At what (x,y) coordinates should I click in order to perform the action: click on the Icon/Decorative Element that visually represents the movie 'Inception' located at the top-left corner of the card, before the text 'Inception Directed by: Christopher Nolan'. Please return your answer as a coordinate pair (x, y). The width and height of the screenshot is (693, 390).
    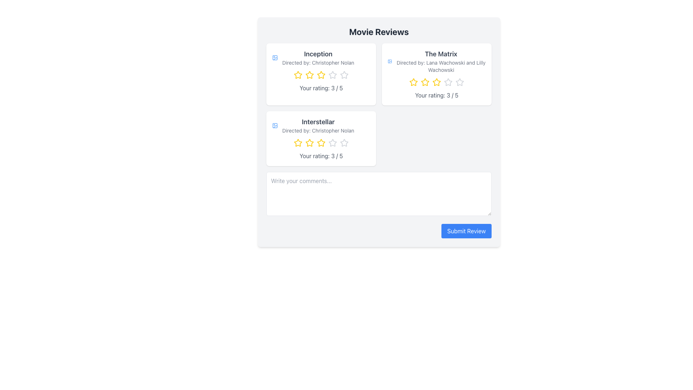
    Looking at the image, I should click on (275, 57).